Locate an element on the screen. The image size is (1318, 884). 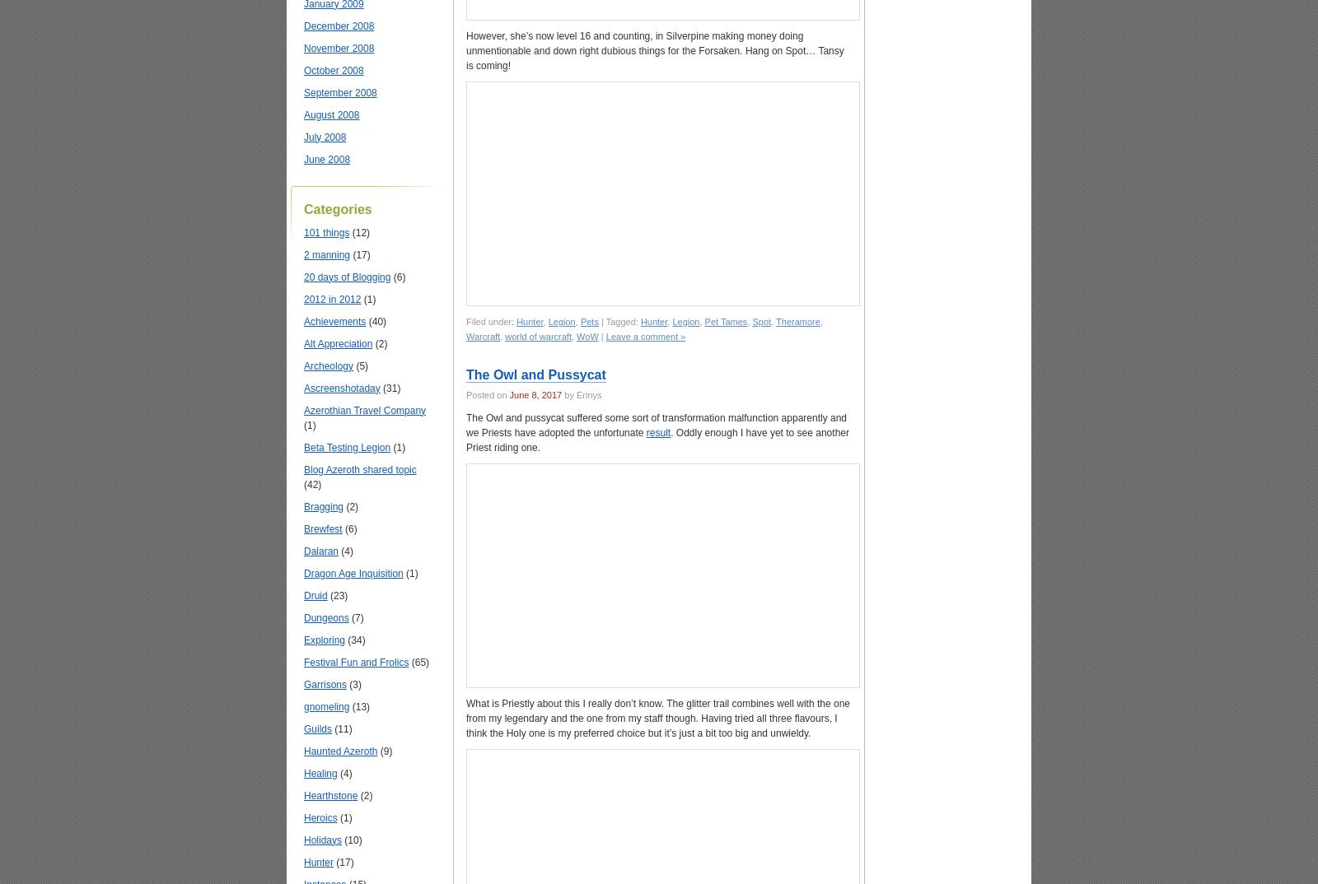
'2 manning' is located at coordinates (326, 254).